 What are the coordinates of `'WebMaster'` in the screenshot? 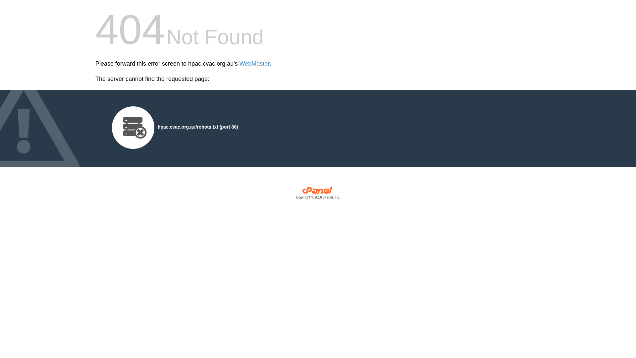 It's located at (254, 64).